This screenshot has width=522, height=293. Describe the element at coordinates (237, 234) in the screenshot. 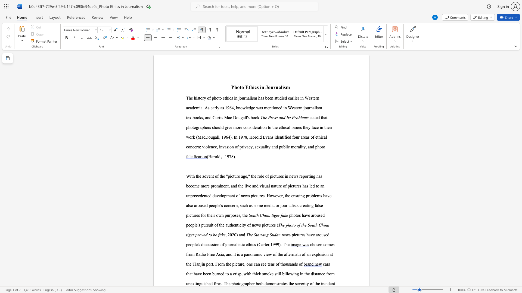

I see `the 1th character ")" in the text` at that location.